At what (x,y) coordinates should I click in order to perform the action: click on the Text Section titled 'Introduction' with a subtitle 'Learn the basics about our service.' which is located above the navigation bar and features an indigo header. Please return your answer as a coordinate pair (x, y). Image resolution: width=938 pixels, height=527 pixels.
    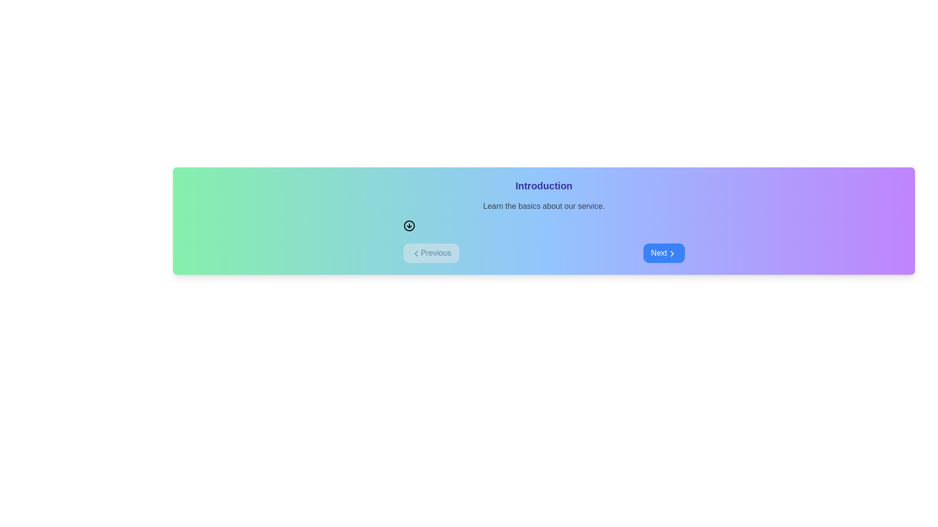
    Looking at the image, I should click on (543, 204).